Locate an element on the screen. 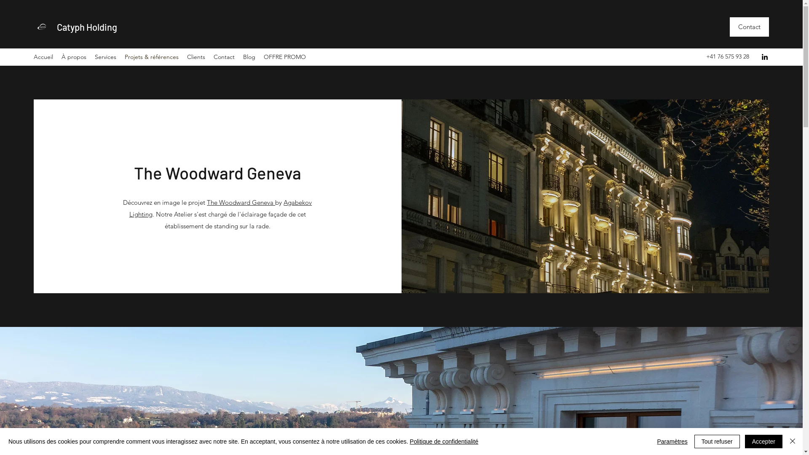  'The Woodward Geneva' is located at coordinates (240, 202).